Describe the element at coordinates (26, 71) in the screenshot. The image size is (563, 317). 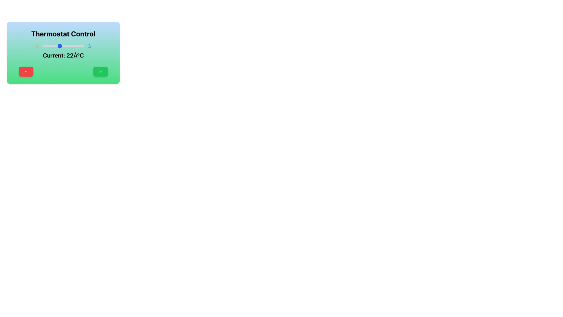
I see `the decrement button located on the left side of the Thermostat Control section to observe the hover state changes` at that location.